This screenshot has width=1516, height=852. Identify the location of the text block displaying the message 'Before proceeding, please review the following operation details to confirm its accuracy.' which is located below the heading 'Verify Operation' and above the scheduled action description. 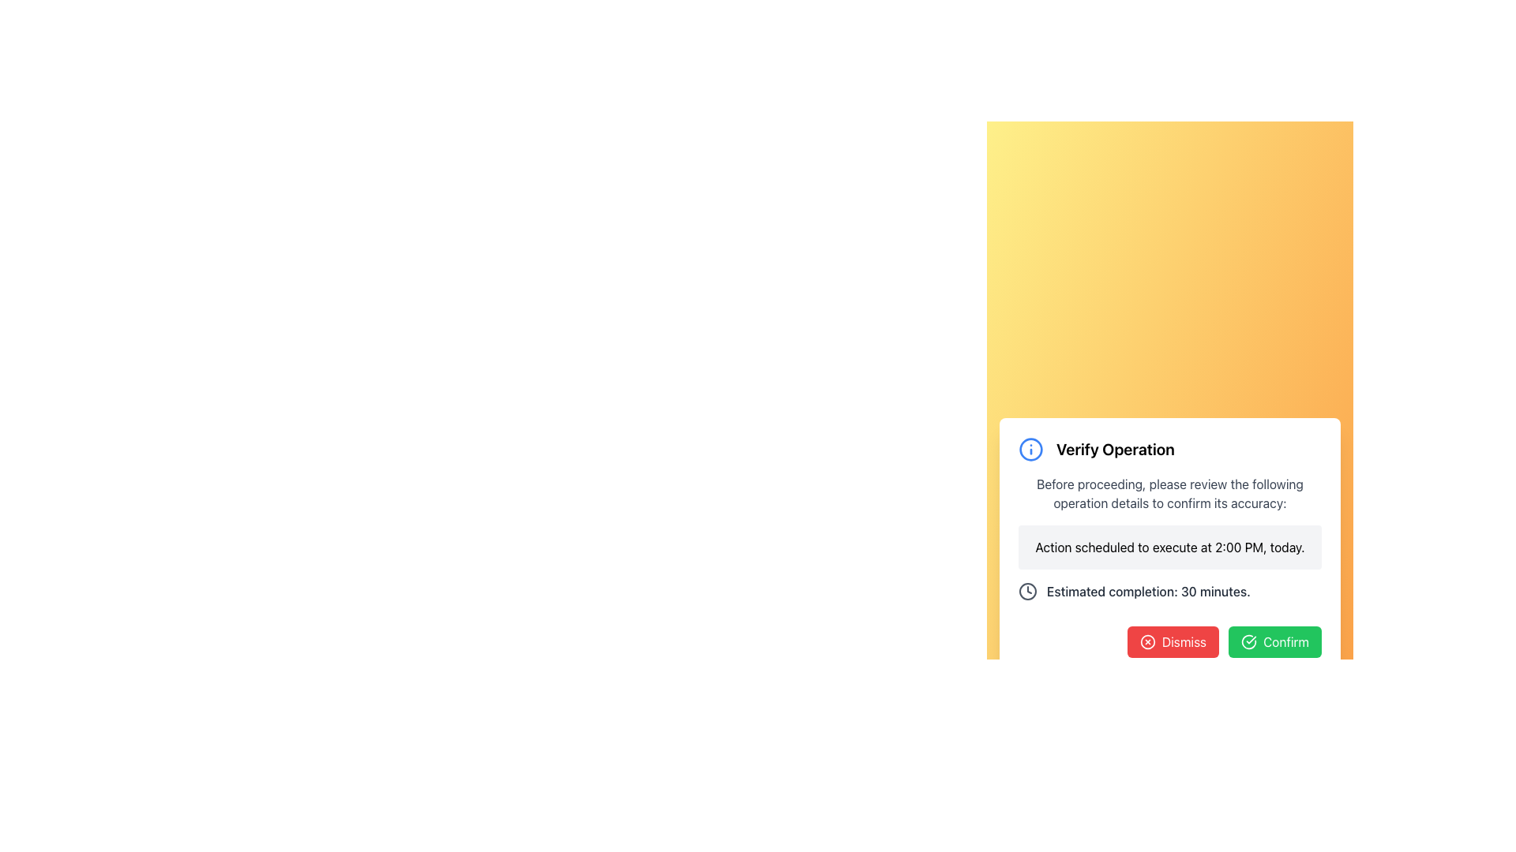
(1170, 492).